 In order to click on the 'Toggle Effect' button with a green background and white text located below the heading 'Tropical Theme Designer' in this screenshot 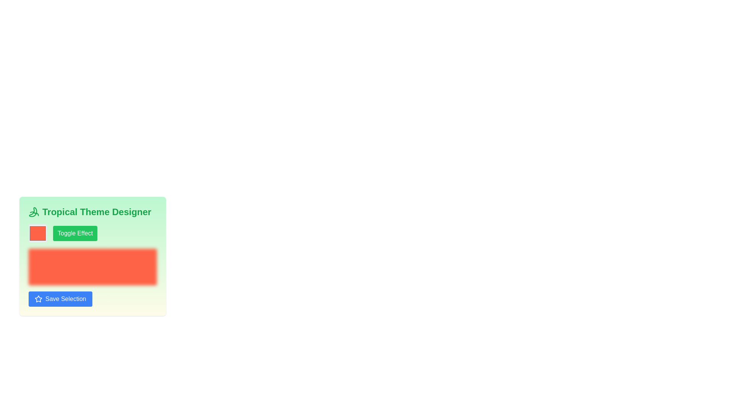, I will do `click(92, 233)`.